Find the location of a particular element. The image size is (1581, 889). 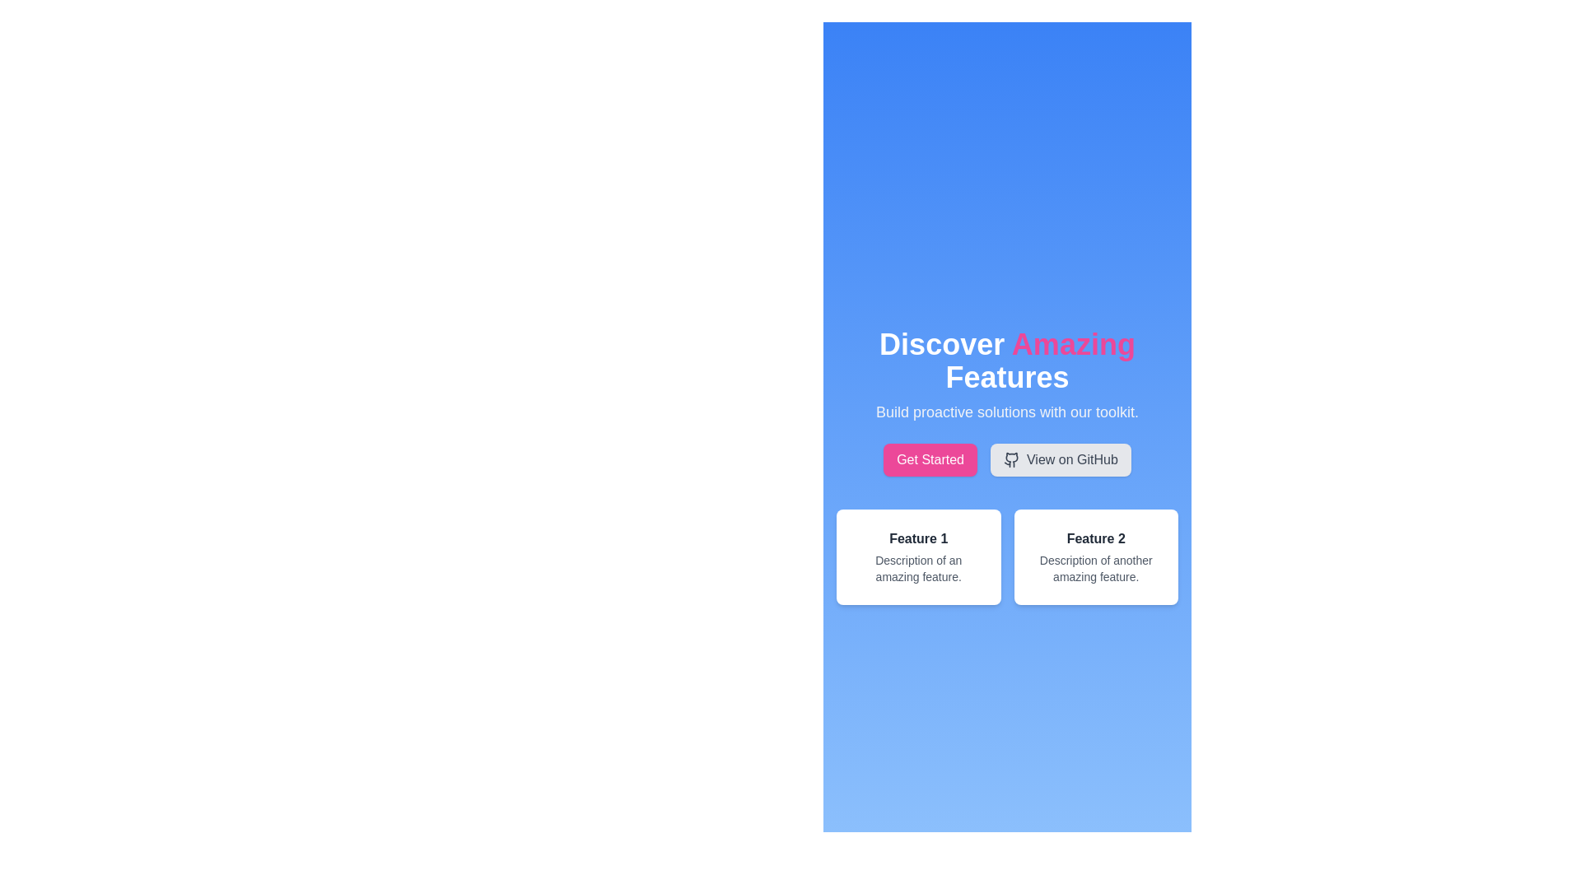

the text element styled in bold pink font with the text 'Amazing', which is the second word in the heading 'Discover Amazing Features', located prominently in the upper-middle of the layout is located at coordinates (1070, 343).